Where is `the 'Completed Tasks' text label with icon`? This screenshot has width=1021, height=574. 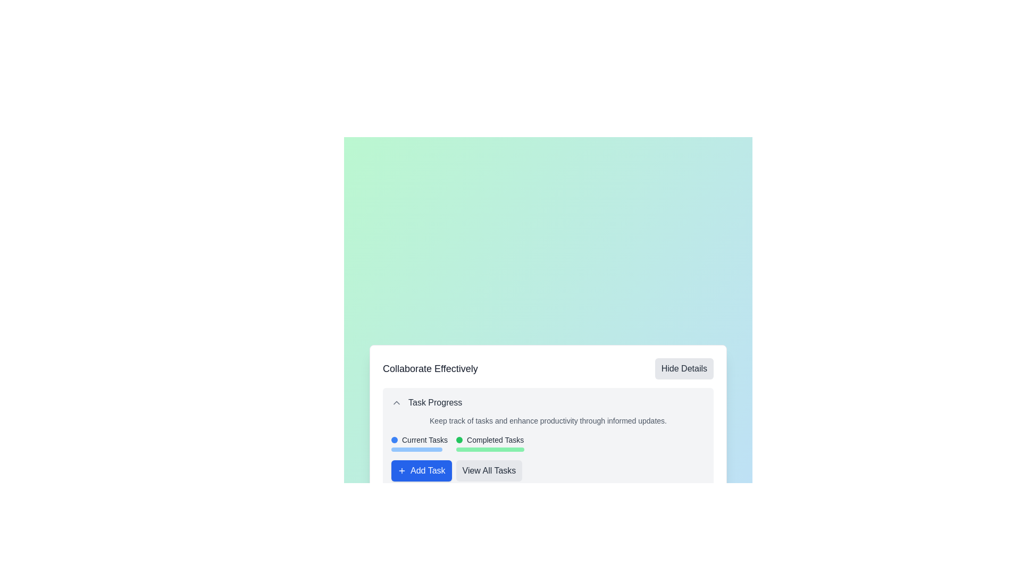
the 'Completed Tasks' text label with icon is located at coordinates (489, 440).